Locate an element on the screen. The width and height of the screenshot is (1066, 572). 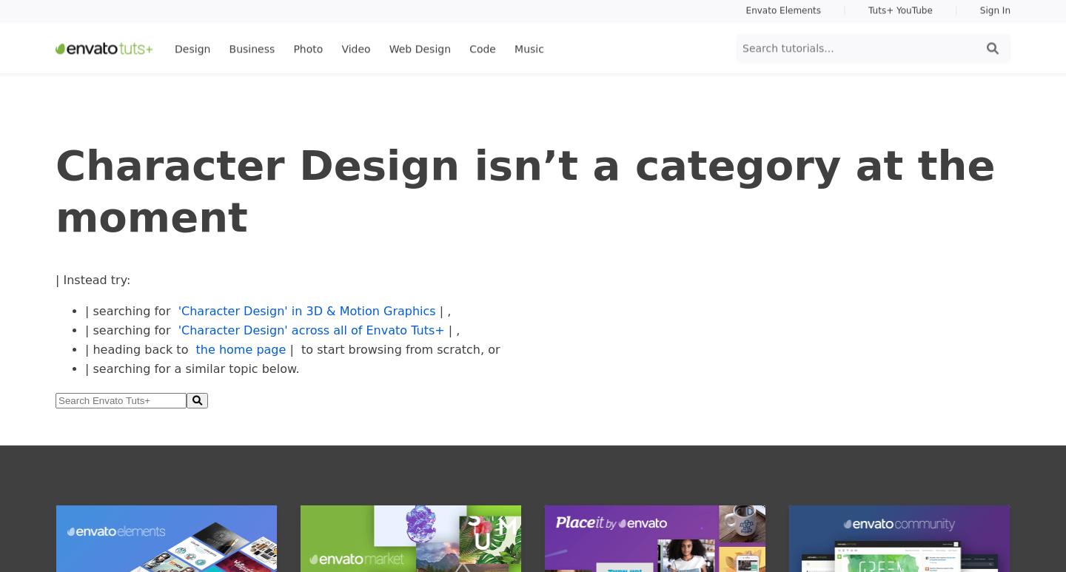
''Character Design' across all of Envato Tuts+' is located at coordinates (310, 330).